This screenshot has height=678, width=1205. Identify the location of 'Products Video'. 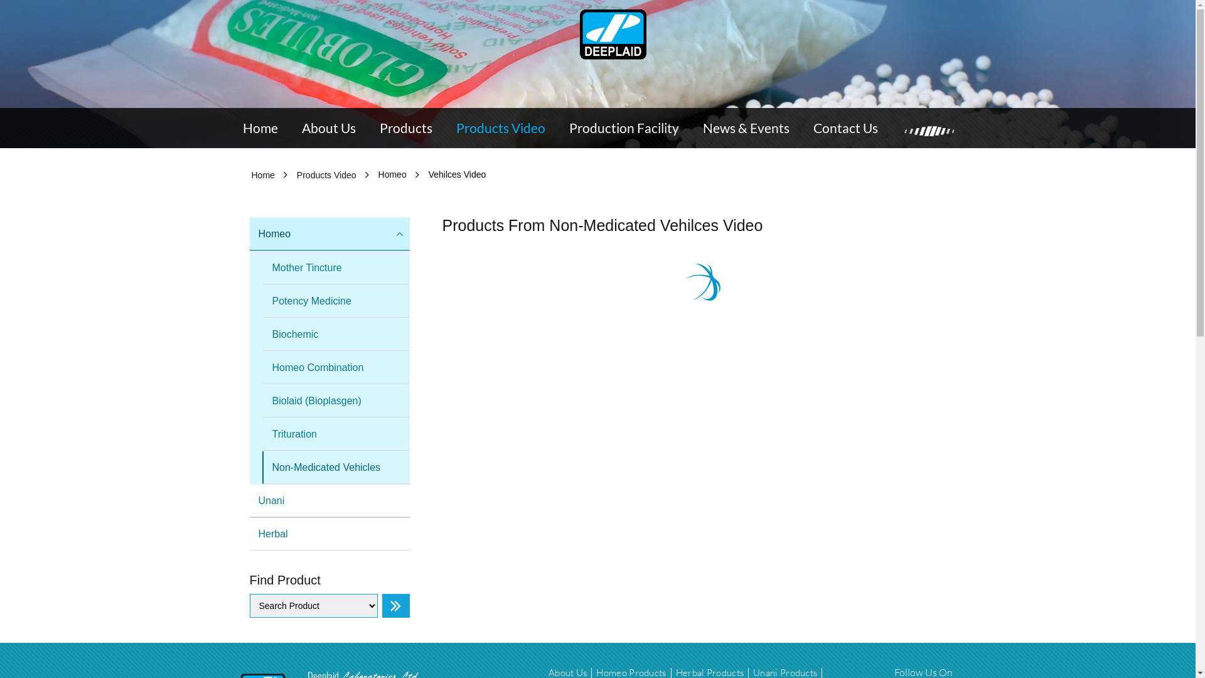
(499, 128).